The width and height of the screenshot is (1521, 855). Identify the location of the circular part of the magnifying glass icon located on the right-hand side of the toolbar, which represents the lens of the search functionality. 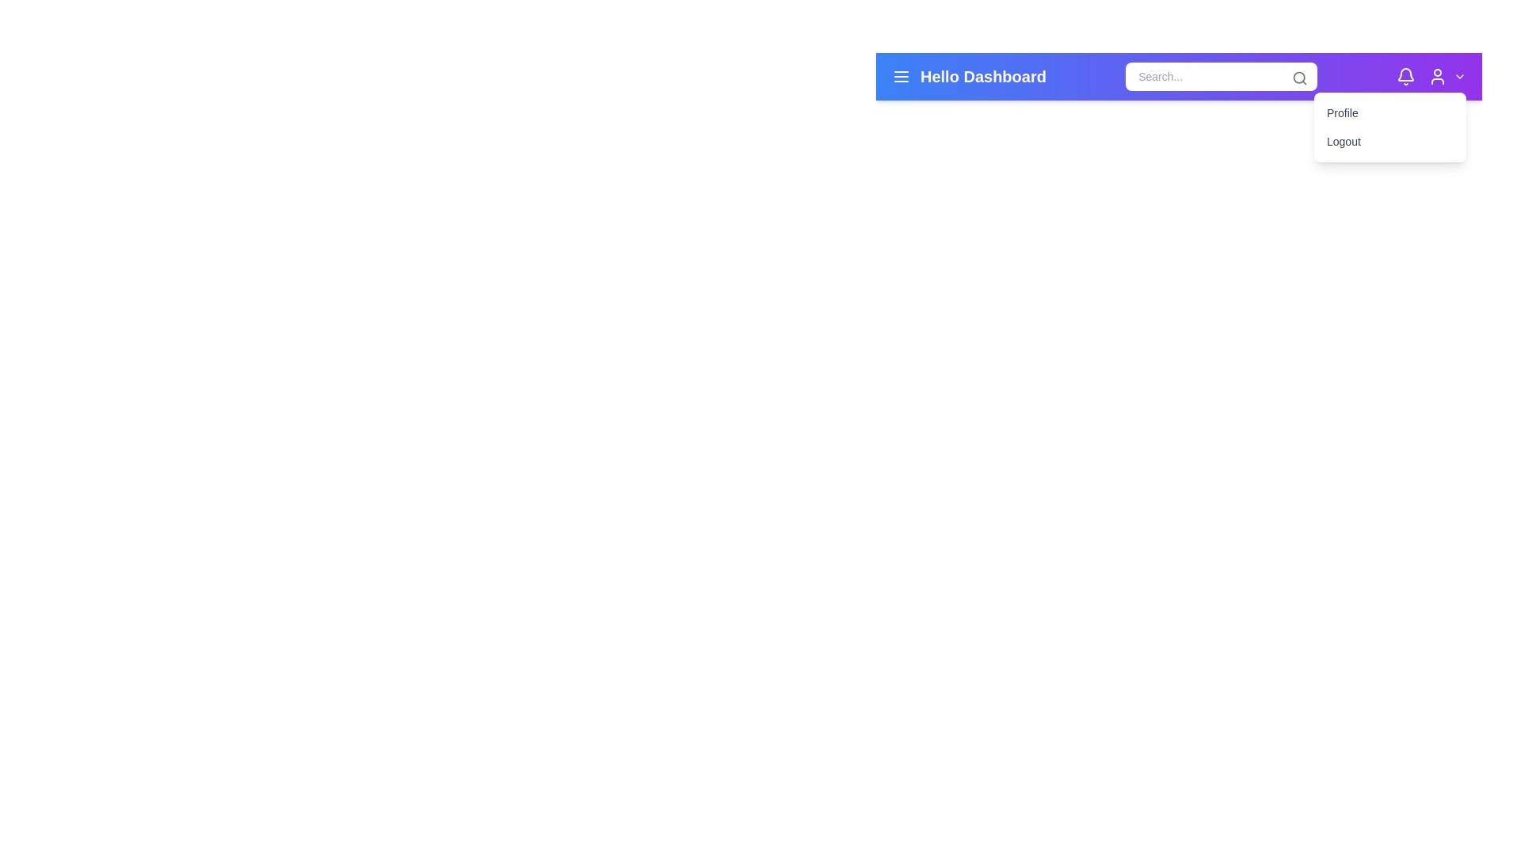
(1298, 78).